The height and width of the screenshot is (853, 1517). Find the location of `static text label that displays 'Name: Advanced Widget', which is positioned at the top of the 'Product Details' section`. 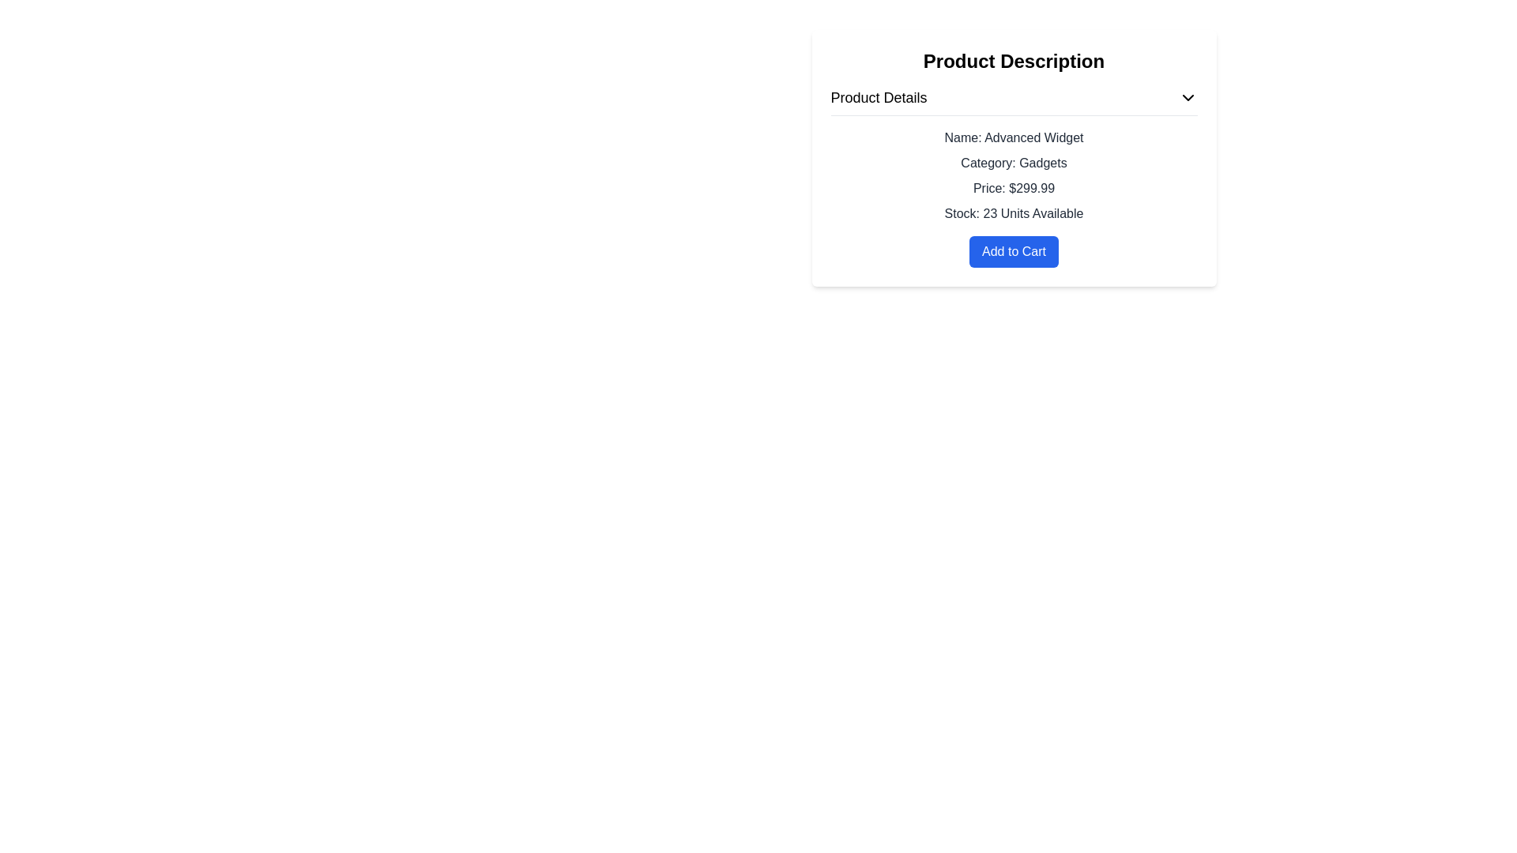

static text label that displays 'Name: Advanced Widget', which is positioned at the top of the 'Product Details' section is located at coordinates (1014, 137).